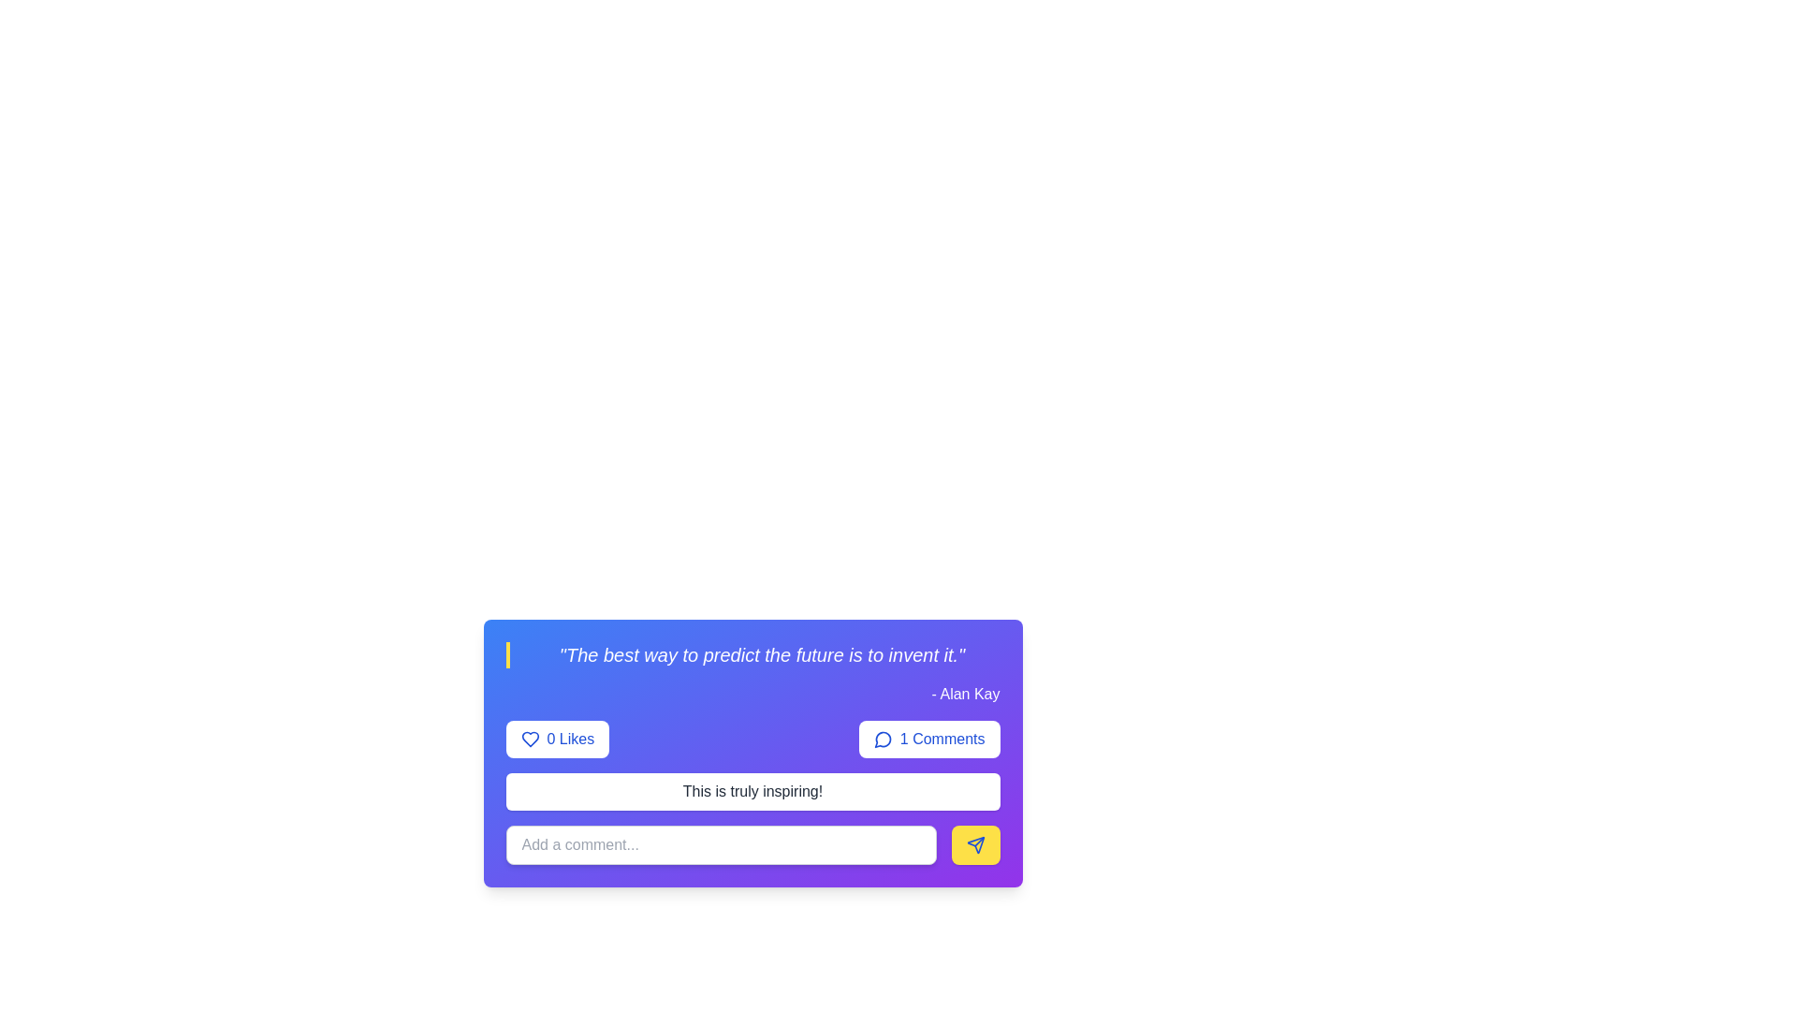  I want to click on the blue outlined speech bubble-shaped icon located to the left of the '1 Comments' text button, so click(882, 739).